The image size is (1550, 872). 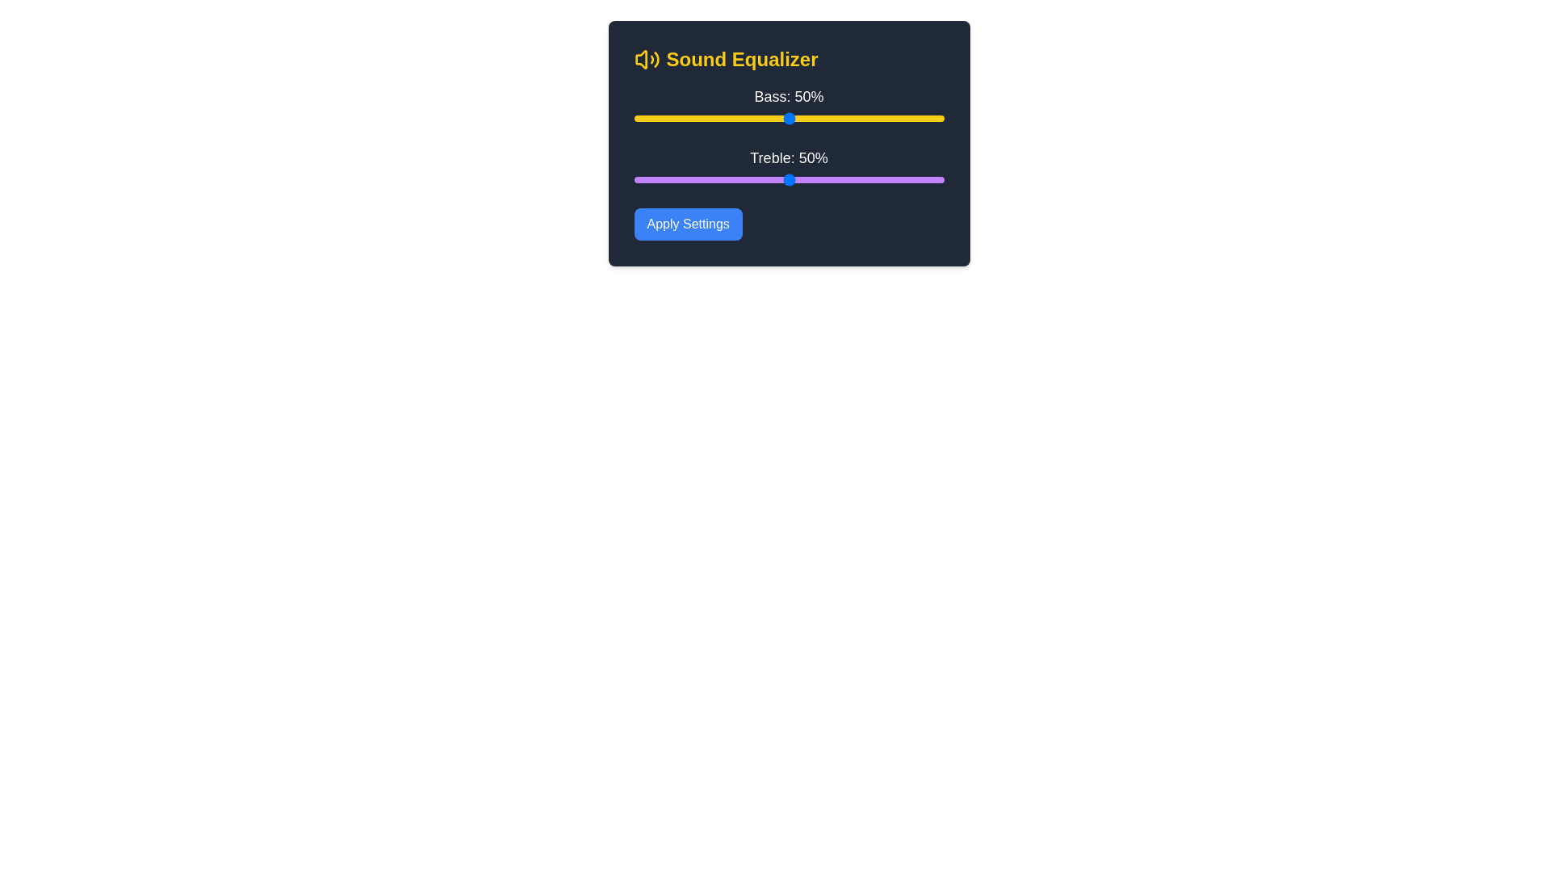 What do you see at coordinates (814, 180) in the screenshot?
I see `the treble slider to 58%` at bounding box center [814, 180].